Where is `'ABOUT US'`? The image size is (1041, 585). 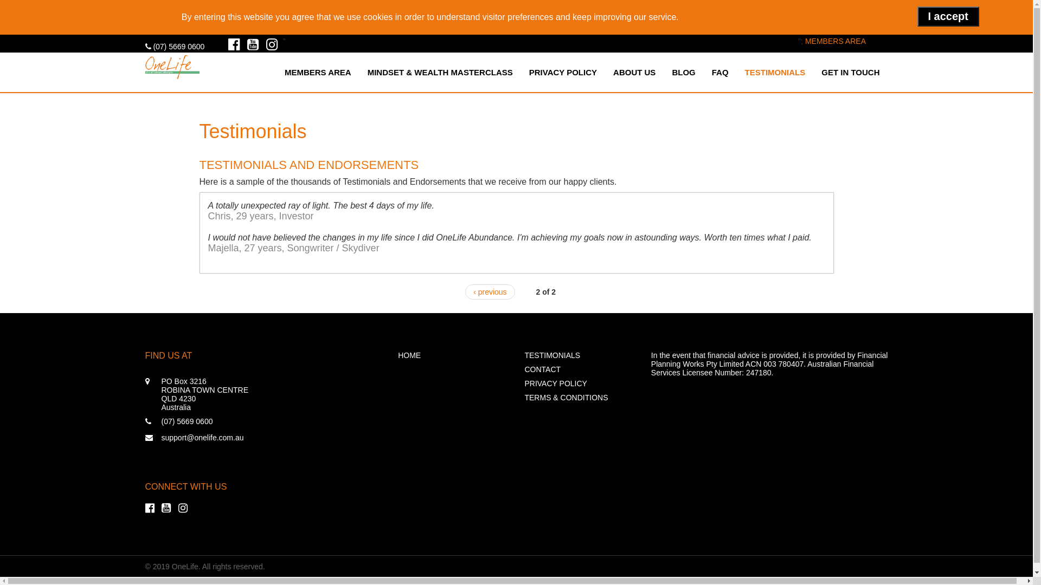
'ABOUT US' is located at coordinates (634, 72).